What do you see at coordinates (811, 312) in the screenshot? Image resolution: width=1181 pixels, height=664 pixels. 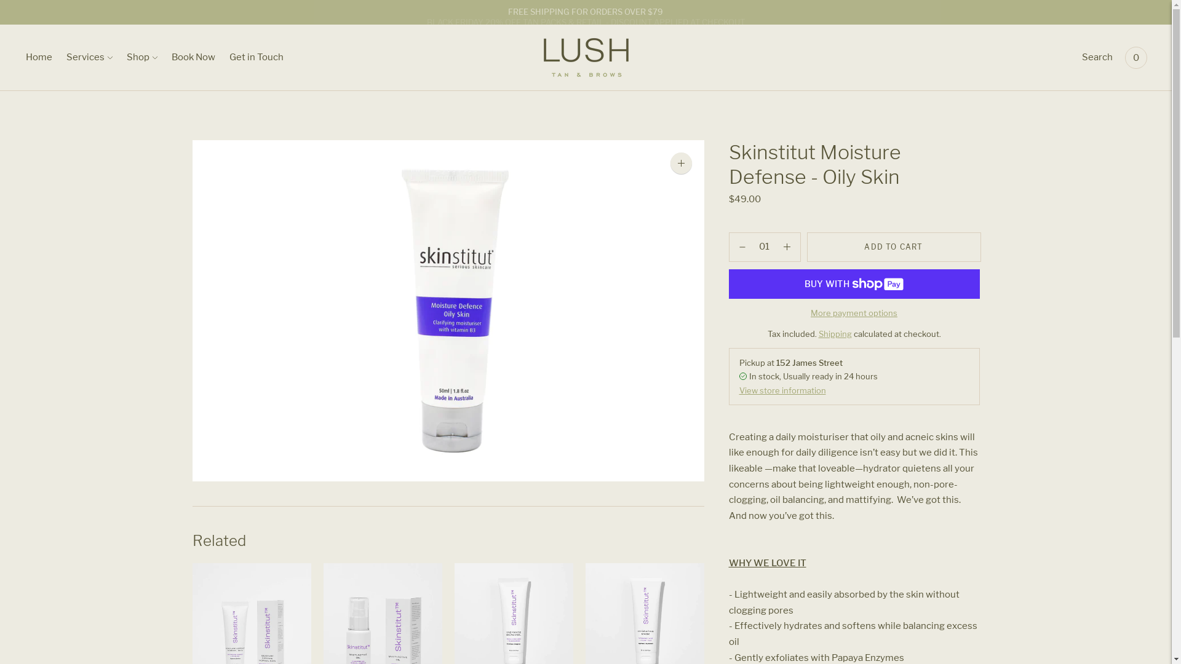 I see `'More payment options'` at bounding box center [811, 312].